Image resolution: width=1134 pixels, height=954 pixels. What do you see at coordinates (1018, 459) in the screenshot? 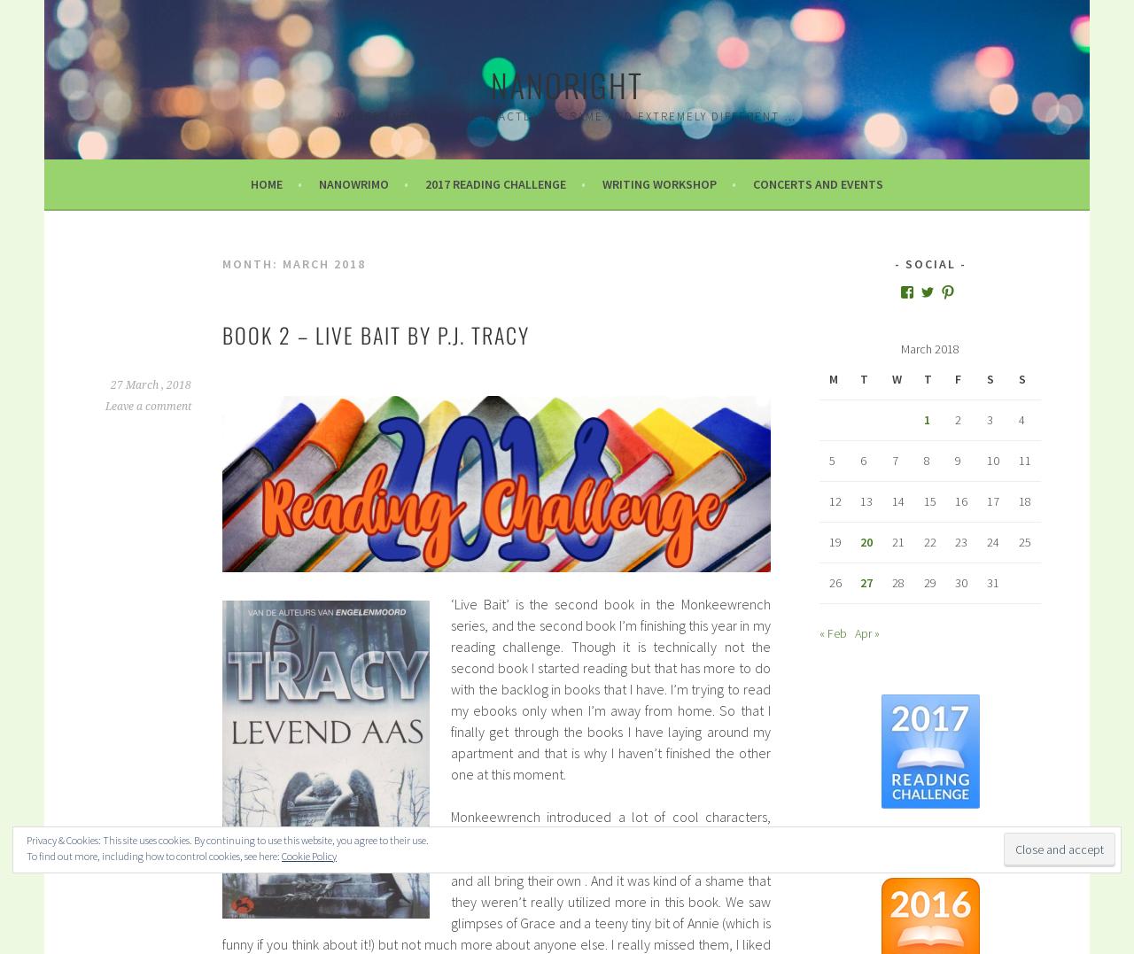
I see `'11'` at bounding box center [1018, 459].